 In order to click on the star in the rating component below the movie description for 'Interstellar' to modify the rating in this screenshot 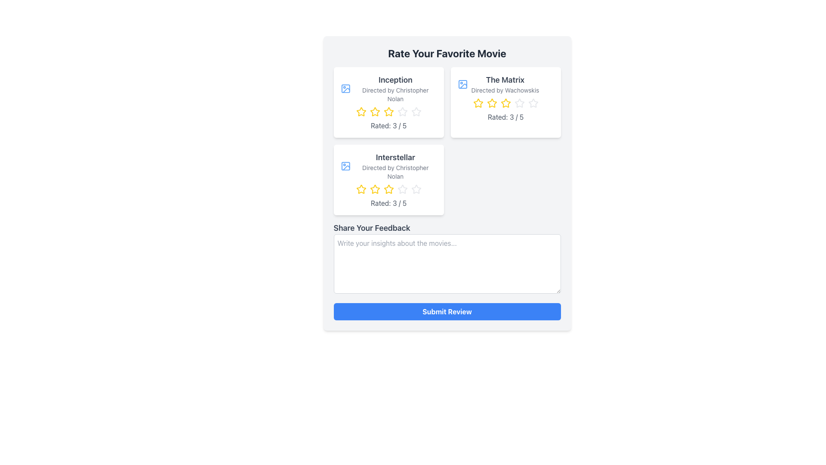, I will do `click(388, 189)`.